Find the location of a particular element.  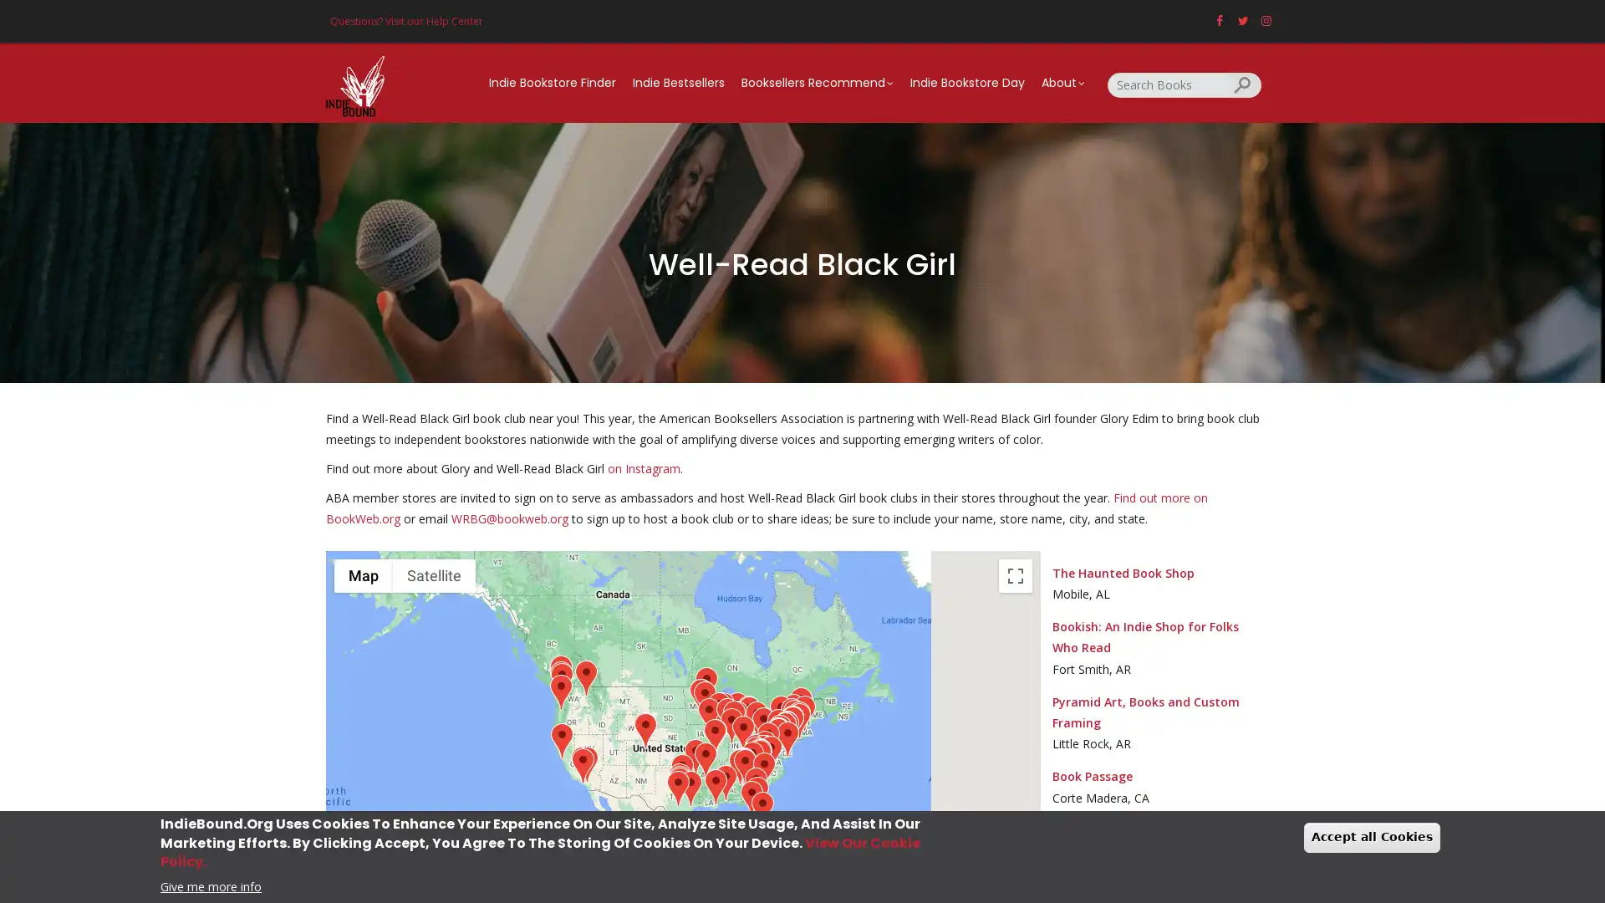

Quail Ridge Books is located at coordinates (769, 752).